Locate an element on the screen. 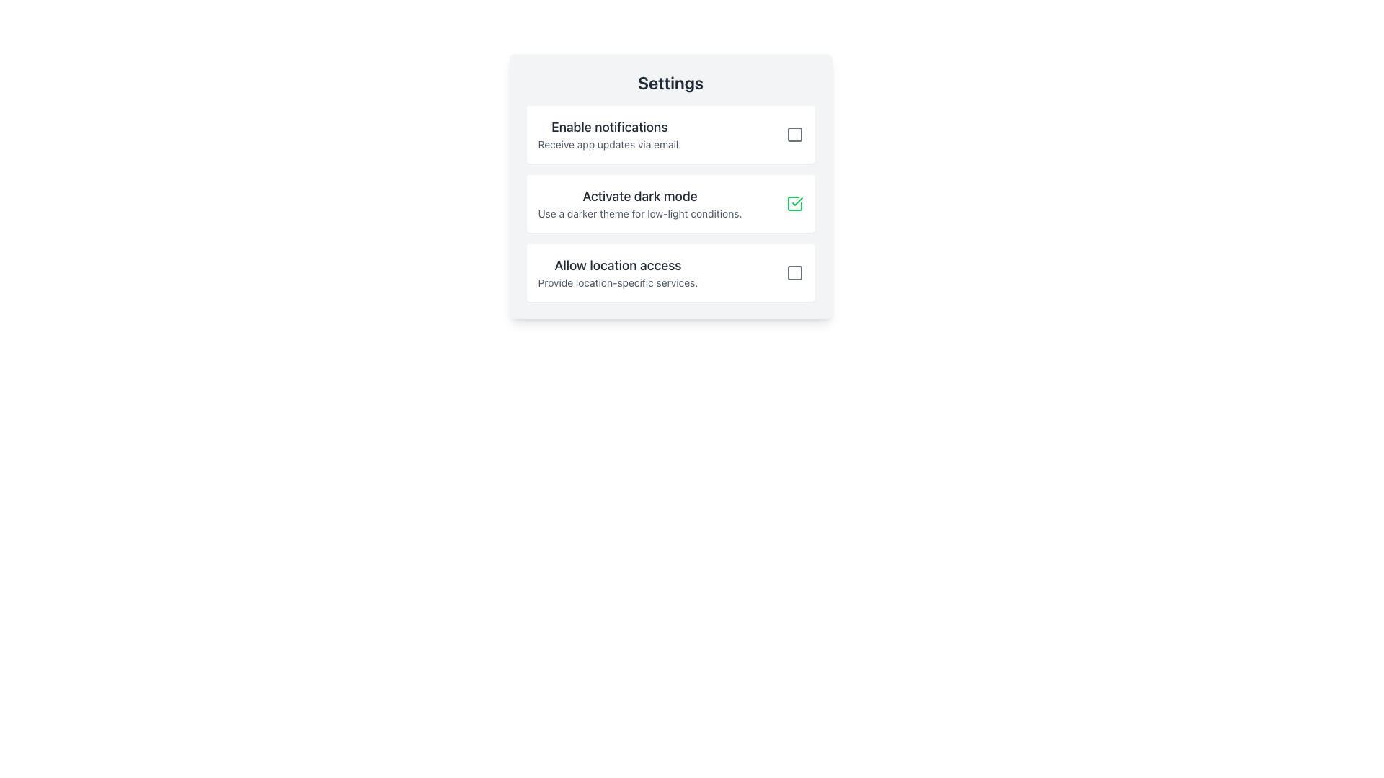 This screenshot has width=1384, height=778. the descriptive text providing additional information about the feature 'Allow location access', which is located below its header text in the grouped section is located at coordinates (618, 283).